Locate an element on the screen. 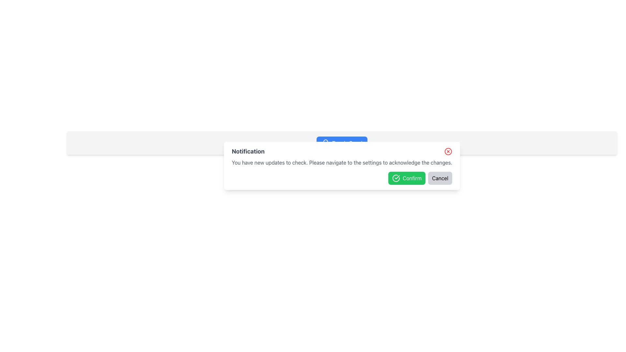 This screenshot has height=352, width=626. the visual indicator icon located to the left of the 'Confirm' button in the confirmation dialog is located at coordinates (396, 178).